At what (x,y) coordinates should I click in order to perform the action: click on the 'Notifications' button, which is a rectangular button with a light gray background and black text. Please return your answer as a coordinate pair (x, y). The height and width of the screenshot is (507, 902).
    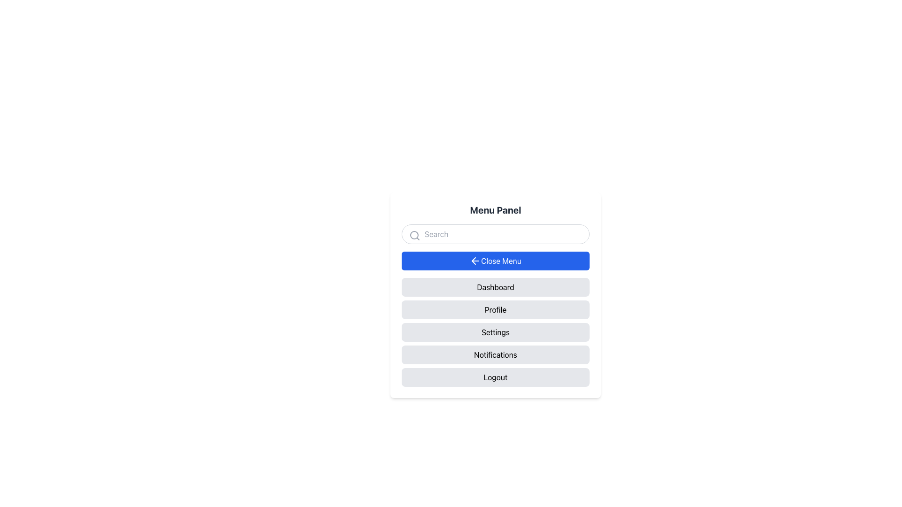
    Looking at the image, I should click on (495, 355).